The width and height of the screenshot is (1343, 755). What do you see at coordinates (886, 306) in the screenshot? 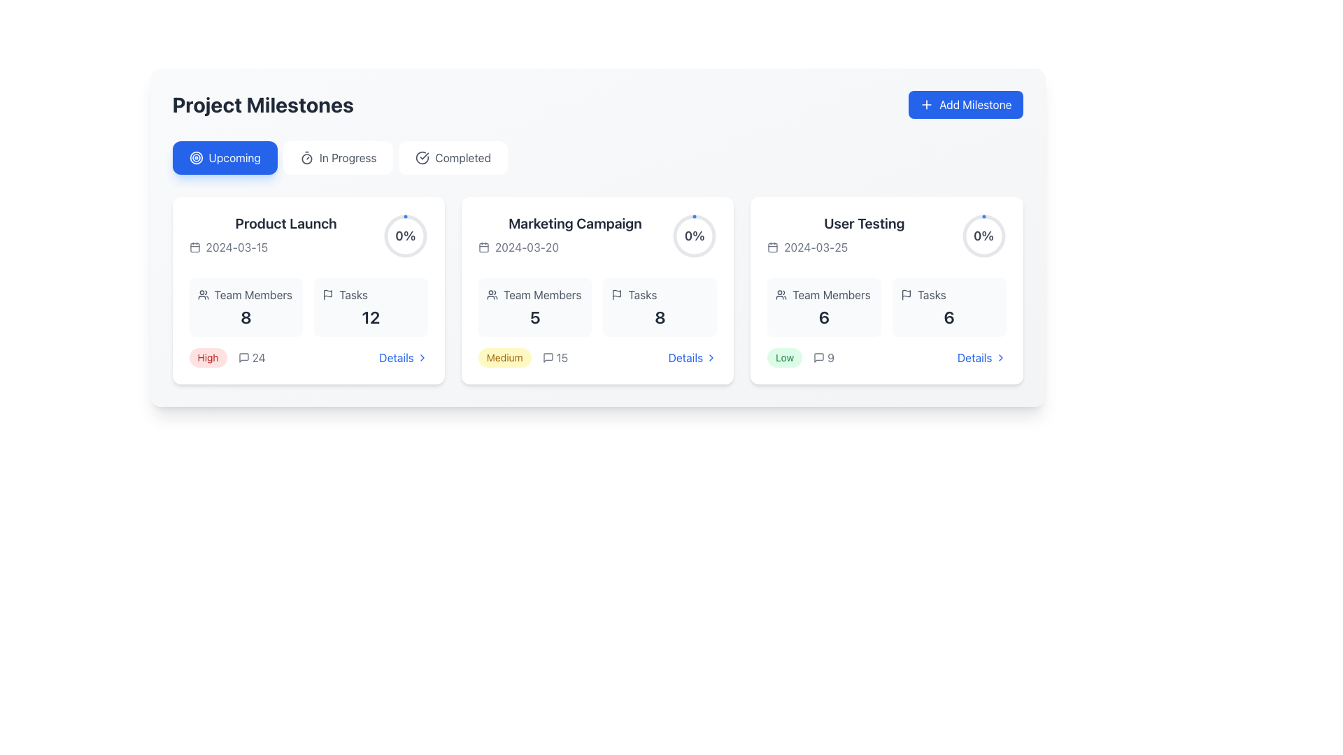
I see `the Information display grid located within the 'User Testing' card, which features two columns with headings 'Team Members' and 'Tasks', each showing the number '6'` at bounding box center [886, 306].